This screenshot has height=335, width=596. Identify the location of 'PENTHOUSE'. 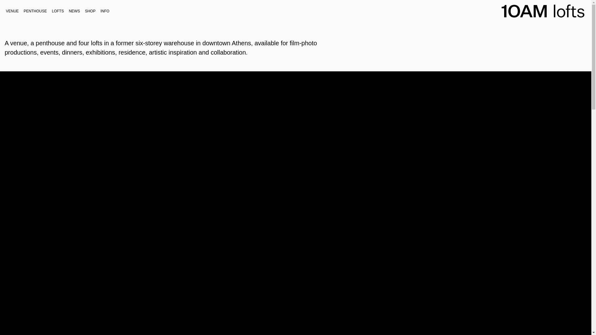
(35, 11).